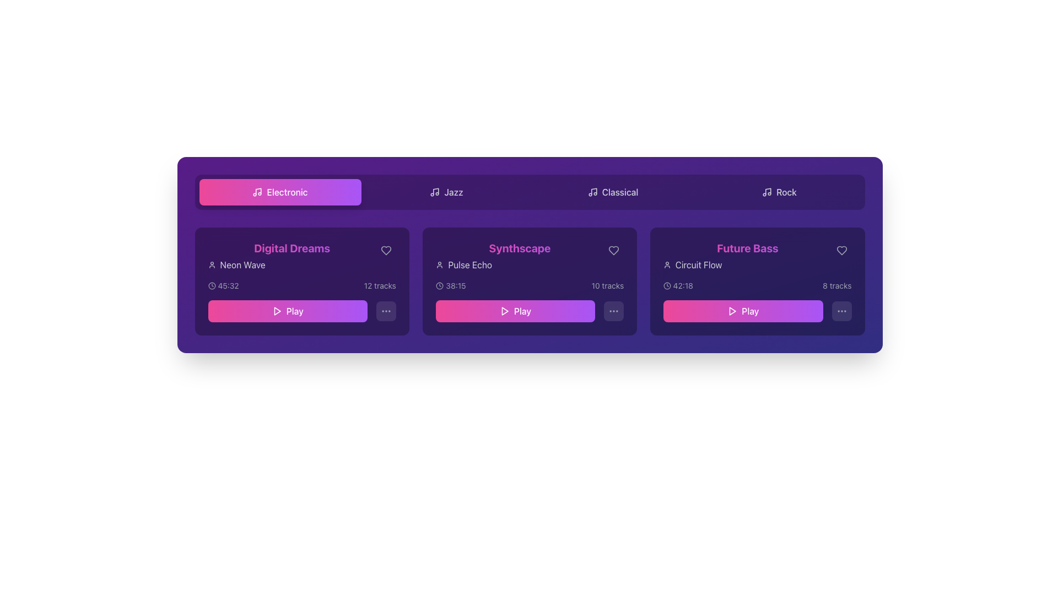  I want to click on the favorite icon located in the top-right corner of the 'Future Bass' card to mark the item as a favorite, so click(841, 251).